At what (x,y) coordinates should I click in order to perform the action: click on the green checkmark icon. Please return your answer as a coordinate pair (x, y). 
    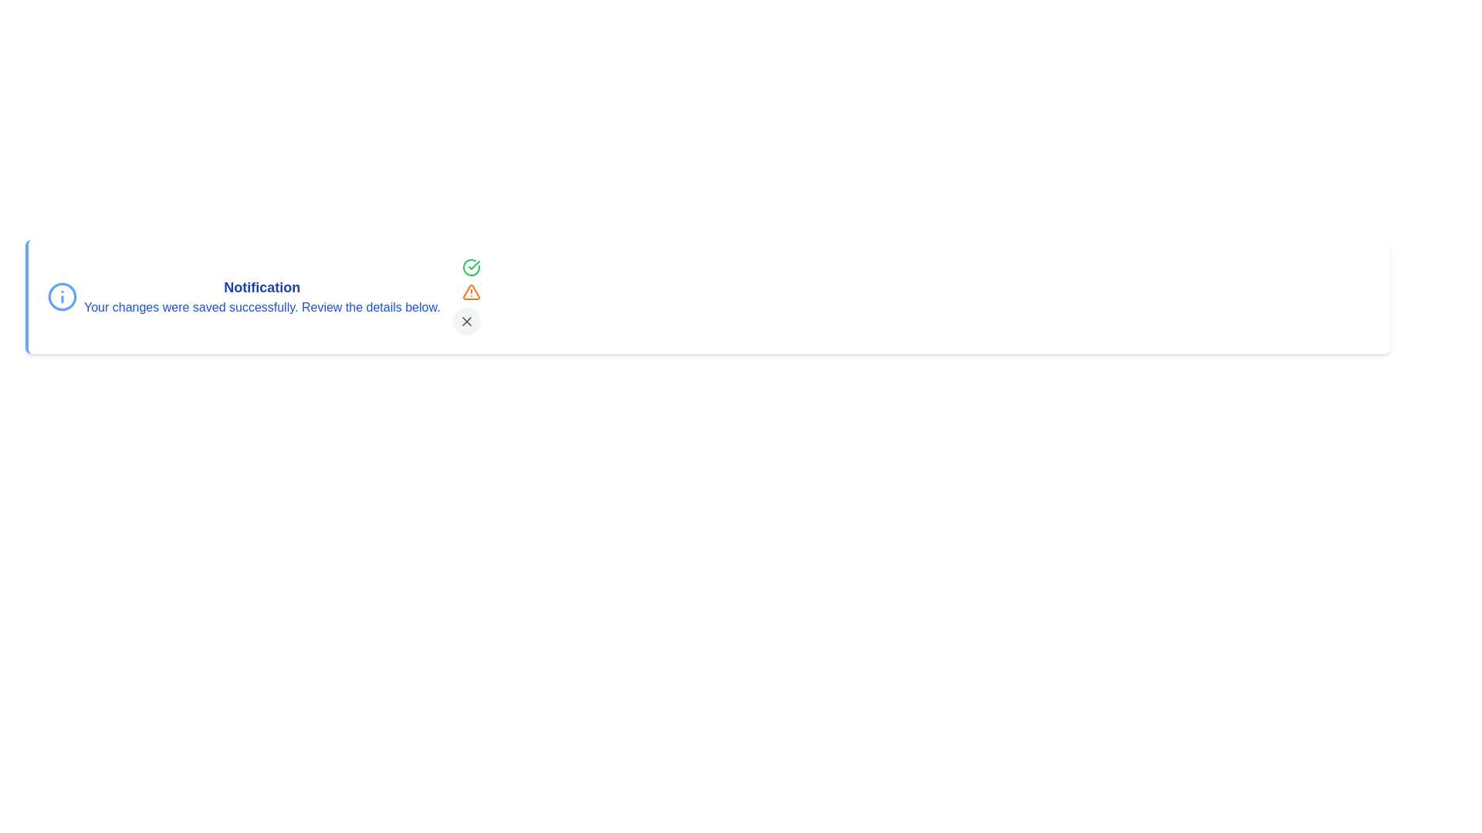
    Looking at the image, I should click on (470, 267).